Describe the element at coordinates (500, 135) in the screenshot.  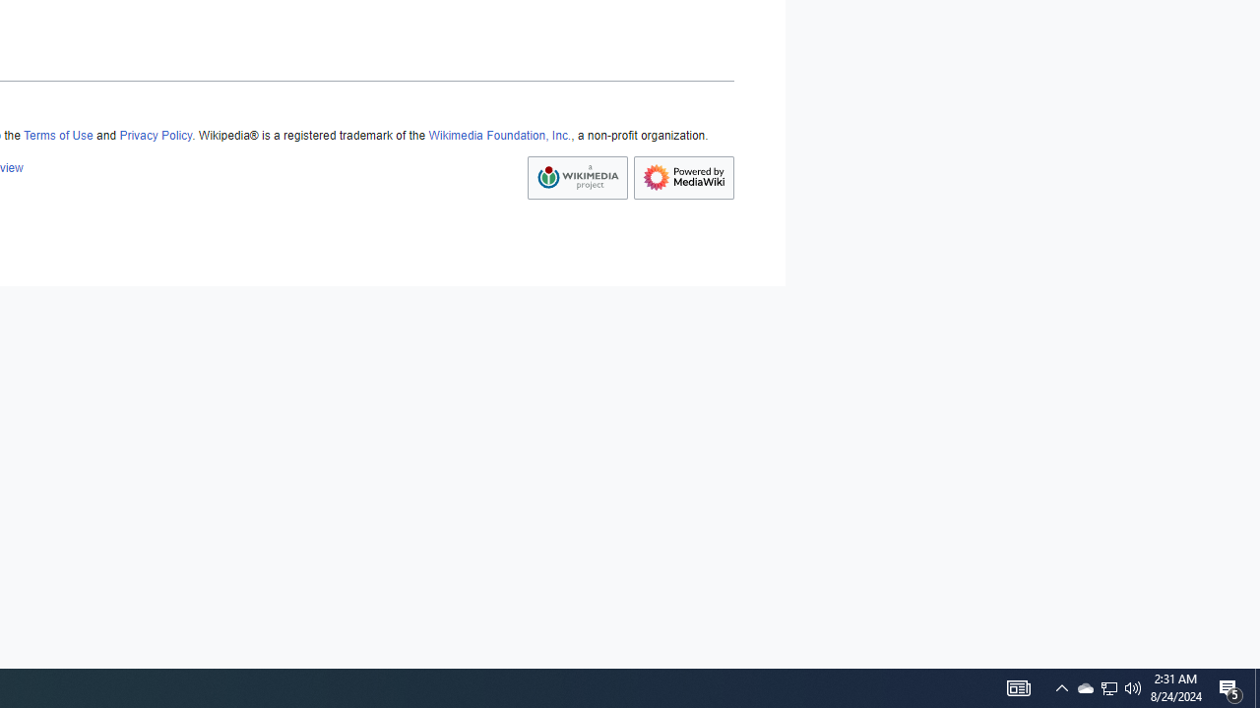
I see `'Wikimedia Foundation, Inc.'` at that location.